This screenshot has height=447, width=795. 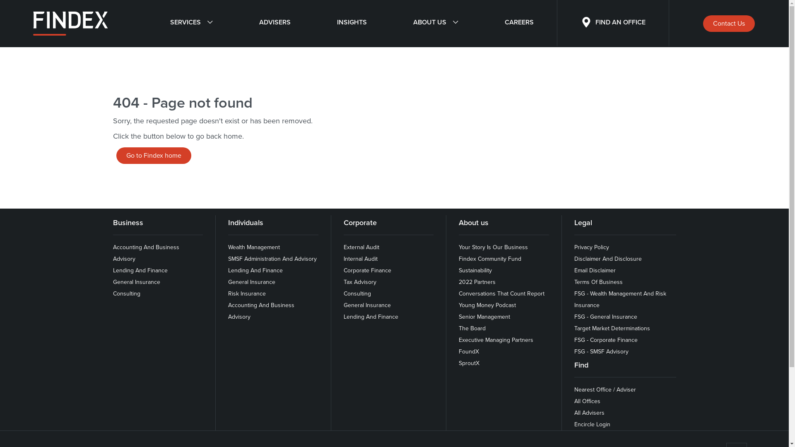 I want to click on 'Lending And Finance', so click(x=140, y=270).